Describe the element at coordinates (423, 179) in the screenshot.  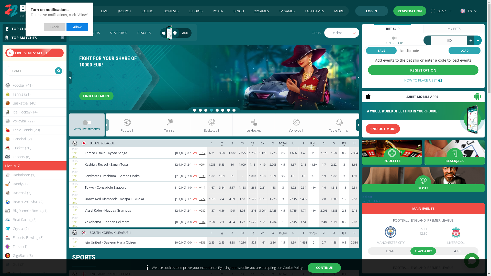
I see `'SLOTS'` at that location.